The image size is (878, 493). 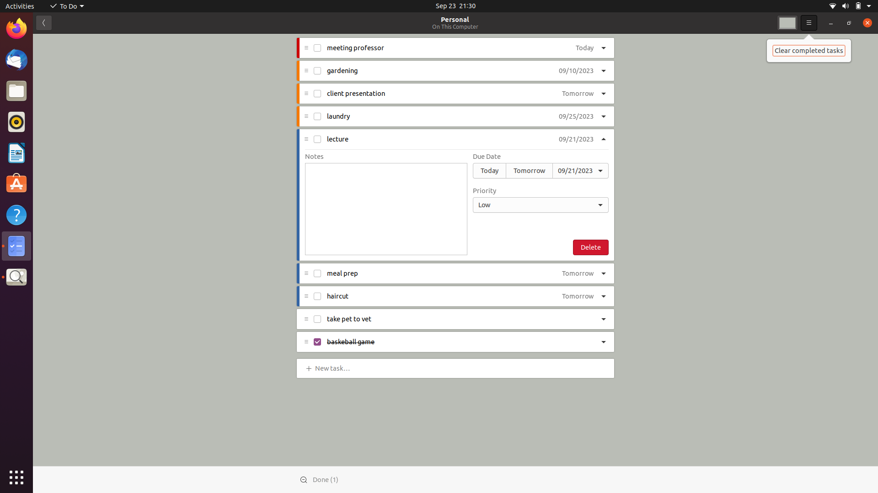 I want to click on Add "email client" task, so click(x=334, y=367).